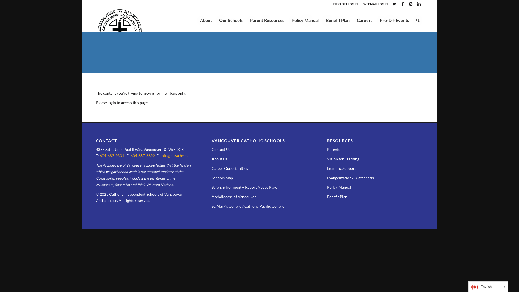  I want to click on 'info@cisva.bc.ca', so click(174, 155).